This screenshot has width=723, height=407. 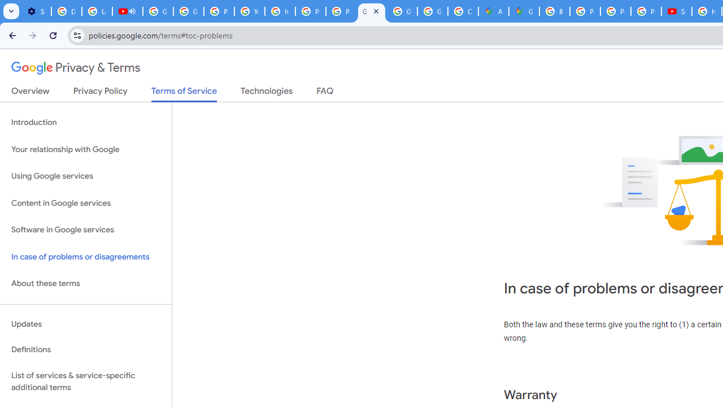 What do you see at coordinates (97, 11) in the screenshot?
I see `'Learn how to find your photos - Google Photos Help'` at bounding box center [97, 11].